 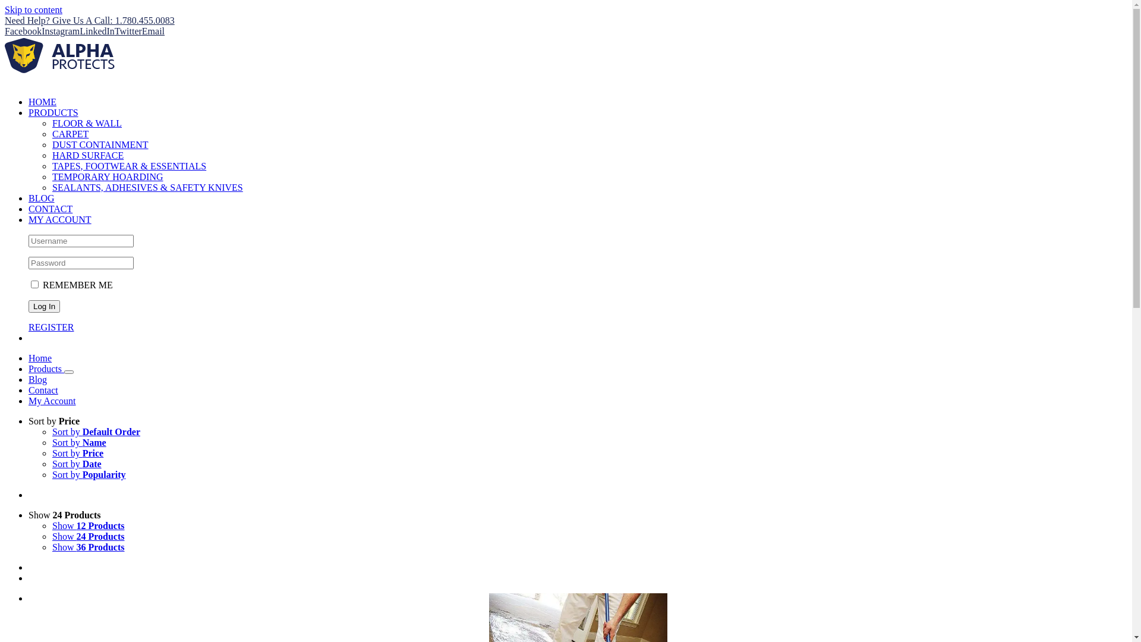 I want to click on 'REGISTER', so click(x=51, y=327).